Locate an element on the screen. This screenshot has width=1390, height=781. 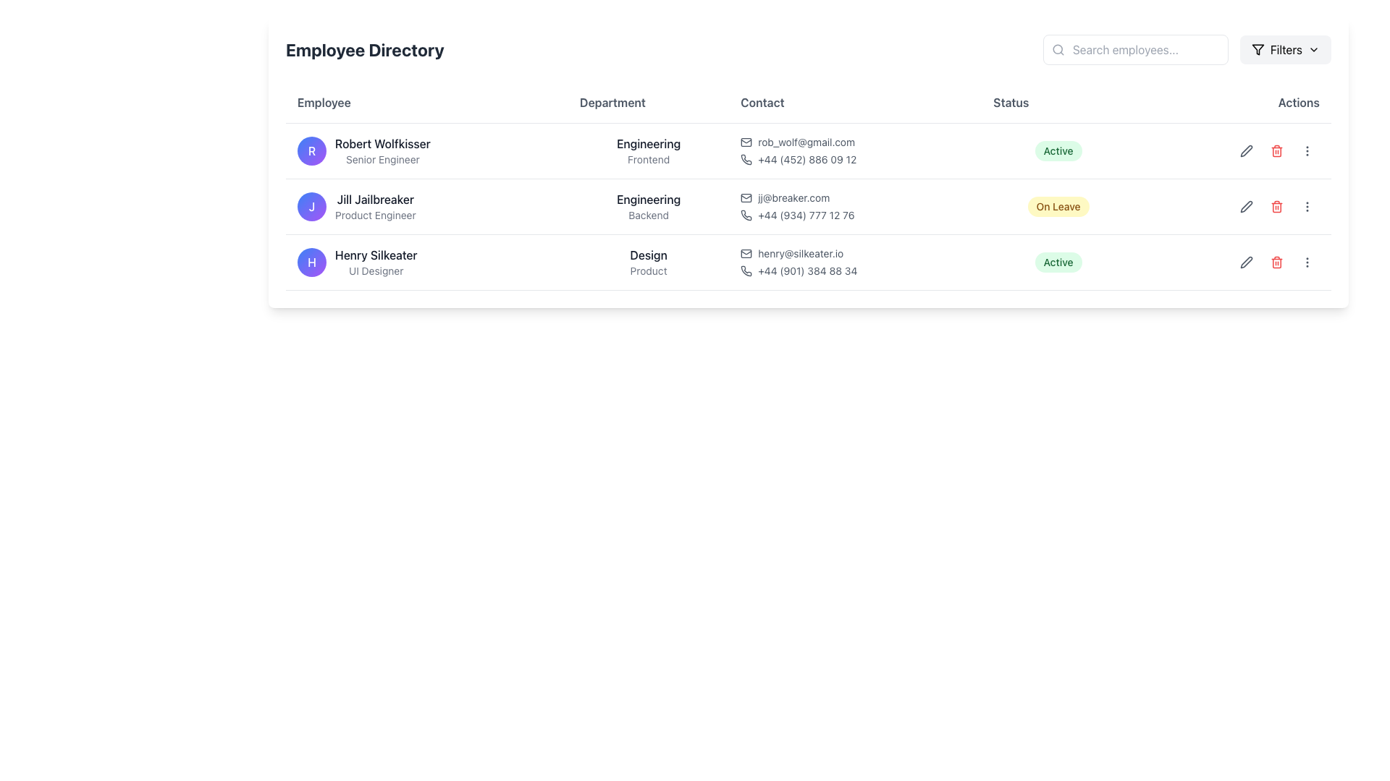
the vertical ellipsis icon in the 'Actions' column of the third row in the Employee Directory table associated with 'Henry Silkeater' is located at coordinates (1307, 262).